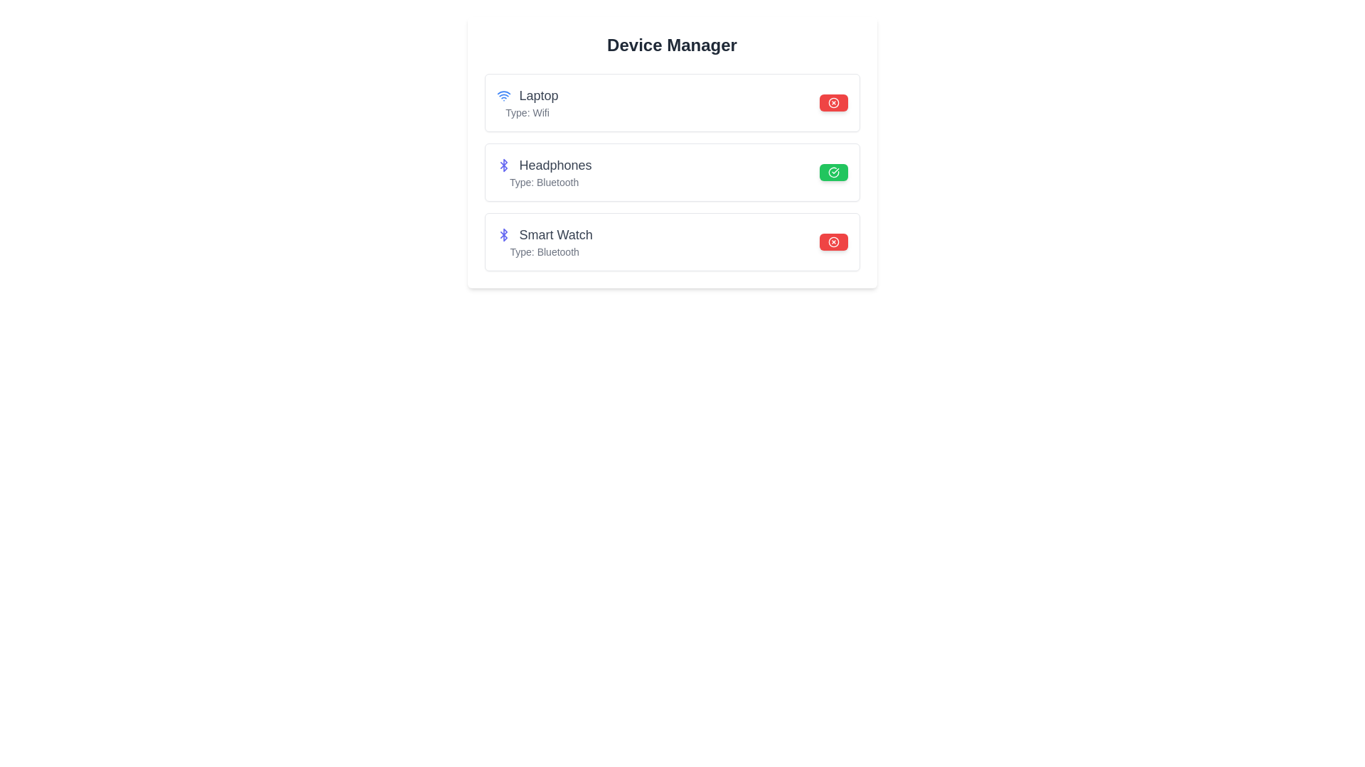 The width and height of the screenshot is (1365, 767). I want to click on the informational display titled 'Headphones' that includes a subtitle 'Type: Bluetooth' and a blue Bluetooth icon to its left, so click(543, 172).